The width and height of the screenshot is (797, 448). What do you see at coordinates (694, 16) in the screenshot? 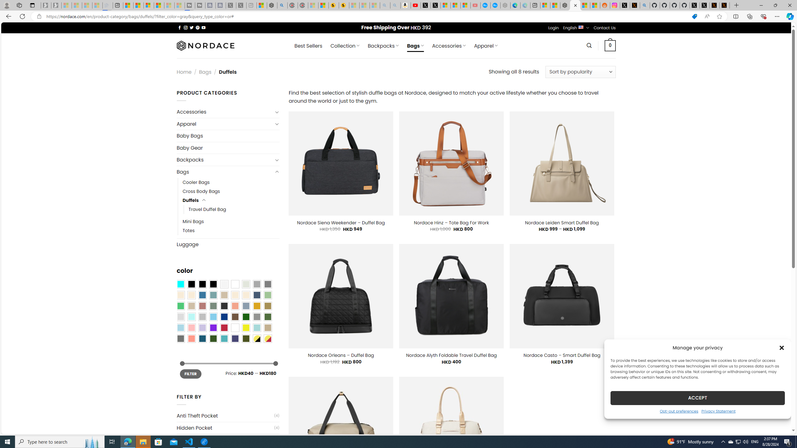
I see `'This site has coupons! Shopping in Microsoft Edge'` at bounding box center [694, 16].